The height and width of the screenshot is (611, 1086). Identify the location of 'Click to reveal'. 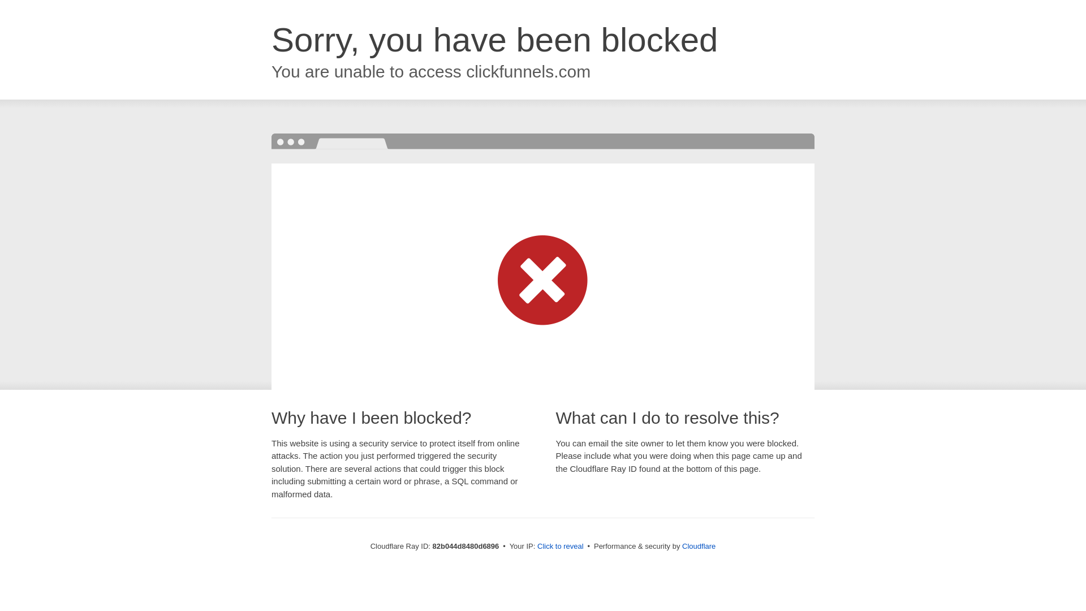
(537, 545).